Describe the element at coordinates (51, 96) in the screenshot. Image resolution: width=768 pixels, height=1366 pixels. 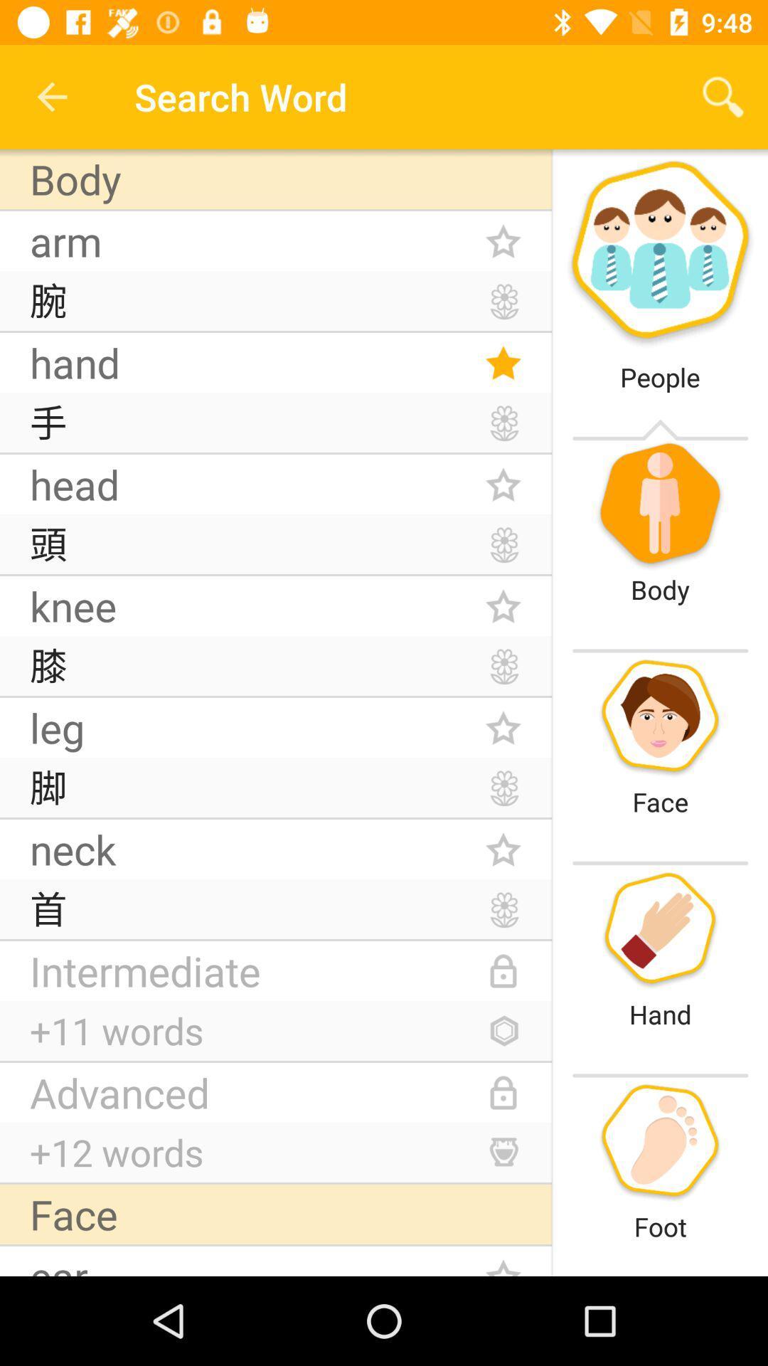
I see `the icon above body icon` at that location.